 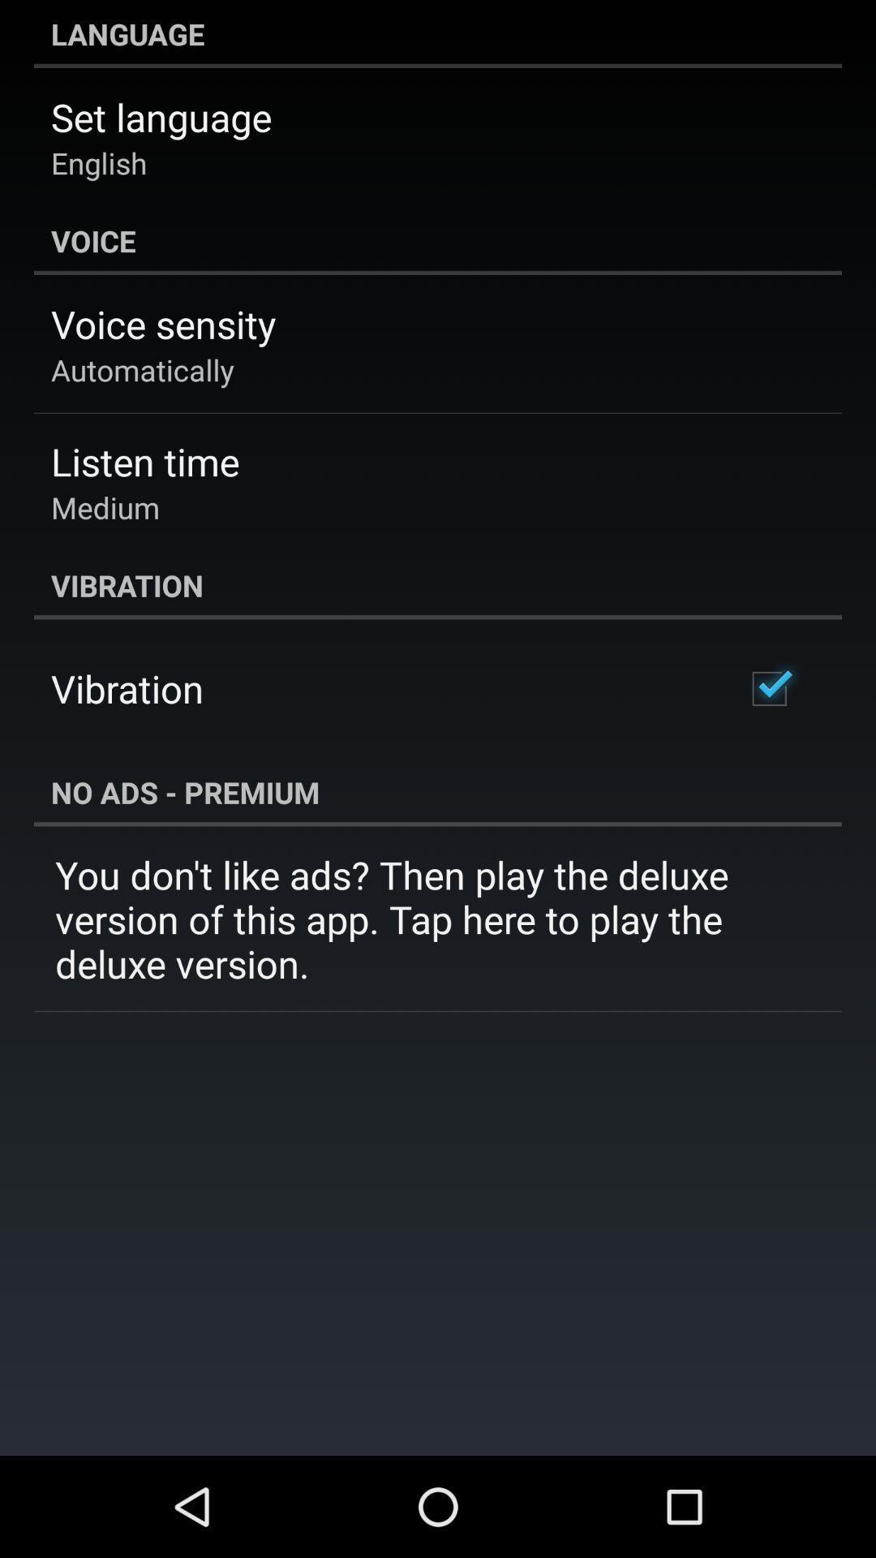 I want to click on app above you don t app, so click(x=438, y=792).